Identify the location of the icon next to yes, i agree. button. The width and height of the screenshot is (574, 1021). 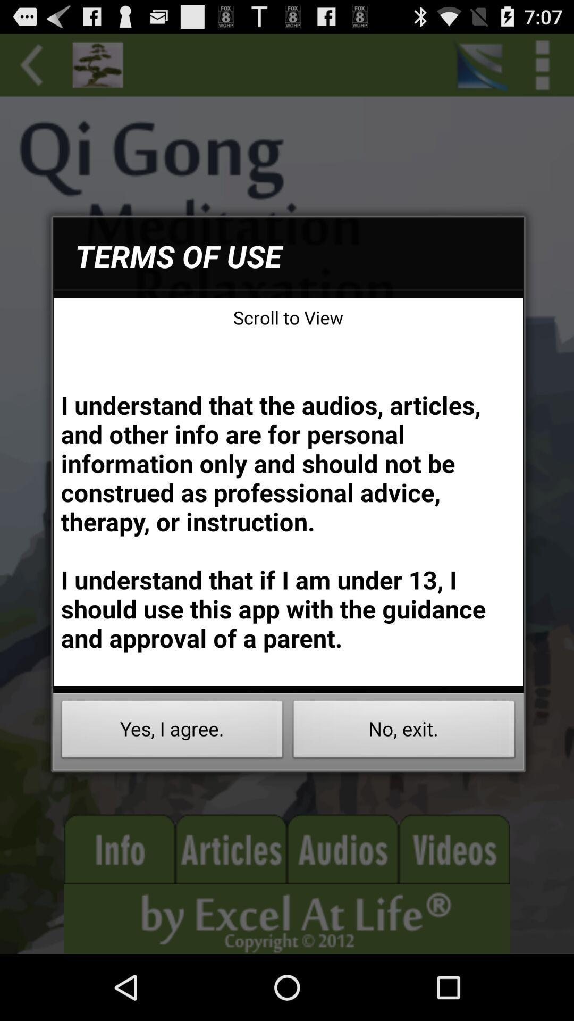
(404, 732).